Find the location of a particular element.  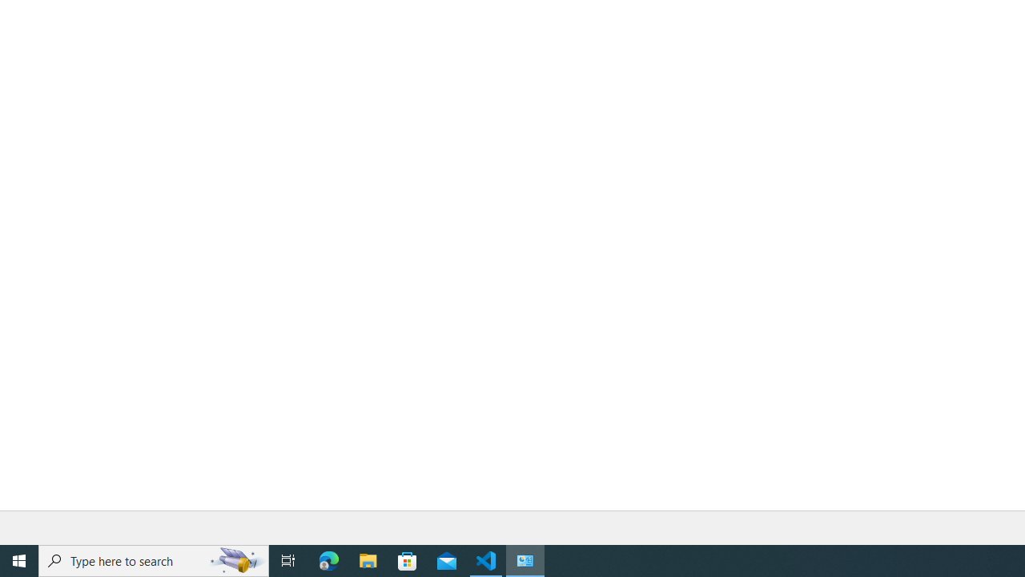

'Control Panel - 1 running window' is located at coordinates (525, 559).